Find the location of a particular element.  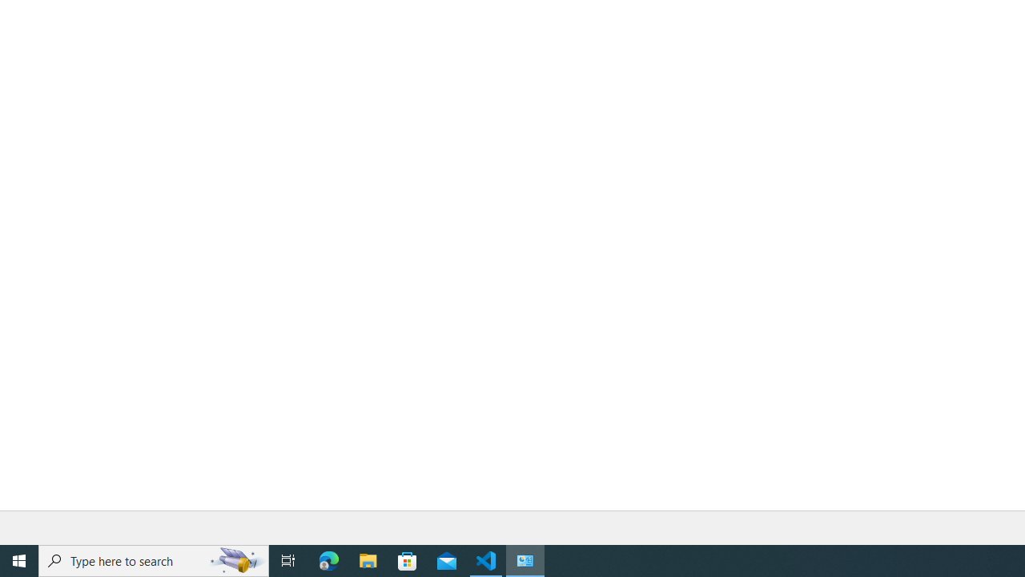

'Control Panel - 1 running window' is located at coordinates (525, 559).